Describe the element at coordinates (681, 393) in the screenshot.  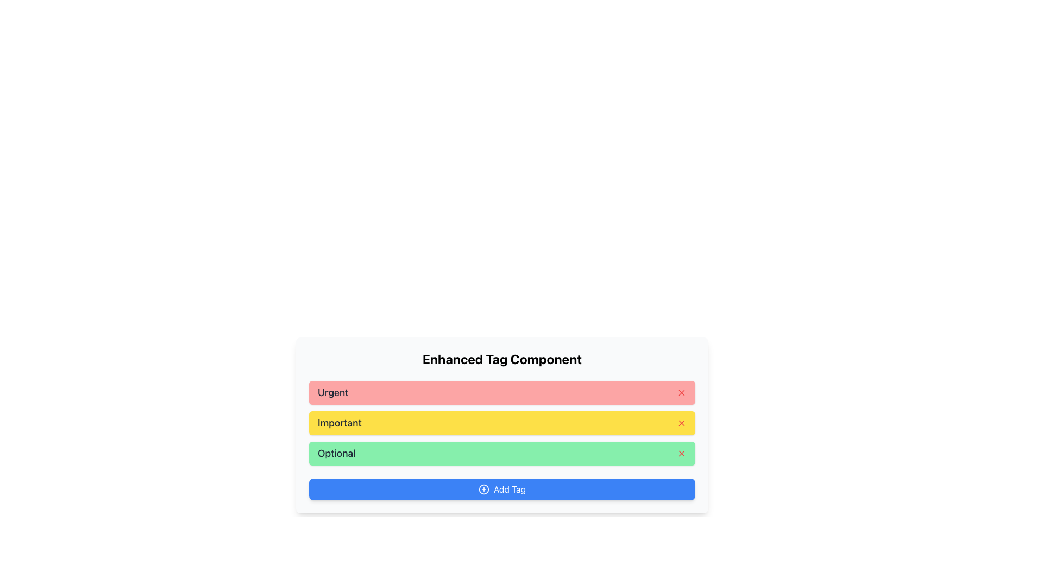
I see `the 'X' icon button located in the red background area labeled 'Urgent'` at that location.